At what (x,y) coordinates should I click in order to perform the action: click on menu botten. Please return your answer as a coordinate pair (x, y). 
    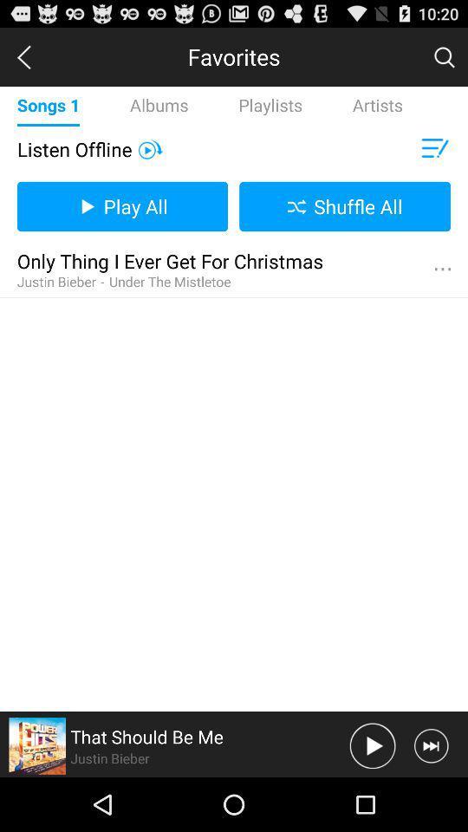
    Looking at the image, I should click on (442, 270).